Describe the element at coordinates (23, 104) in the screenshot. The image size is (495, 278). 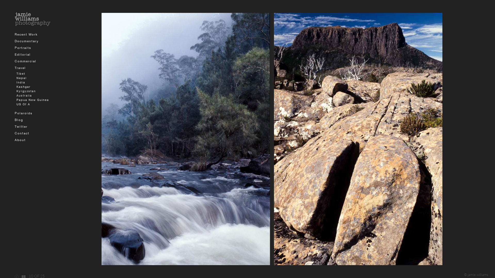
I see `'US Of A'` at that location.